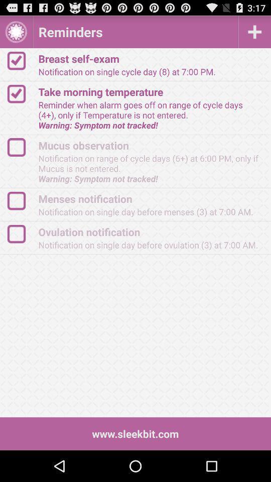  Describe the element at coordinates (21, 147) in the screenshot. I see `click on activity checklist box` at that location.